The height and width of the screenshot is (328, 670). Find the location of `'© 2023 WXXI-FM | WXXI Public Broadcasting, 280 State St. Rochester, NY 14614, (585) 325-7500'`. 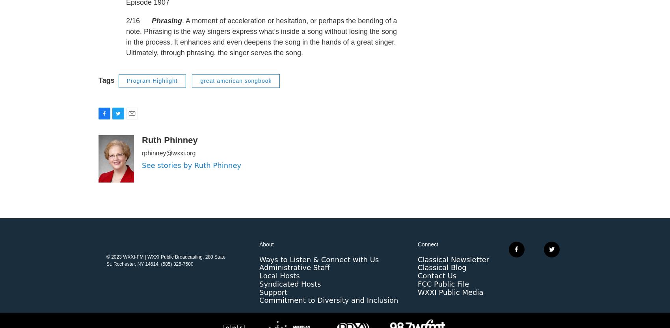

'© 2023 WXXI-FM | WXXI Public Broadcasting, 280 State St. Rochester, NY 14614, (585) 325-7500' is located at coordinates (165, 275).